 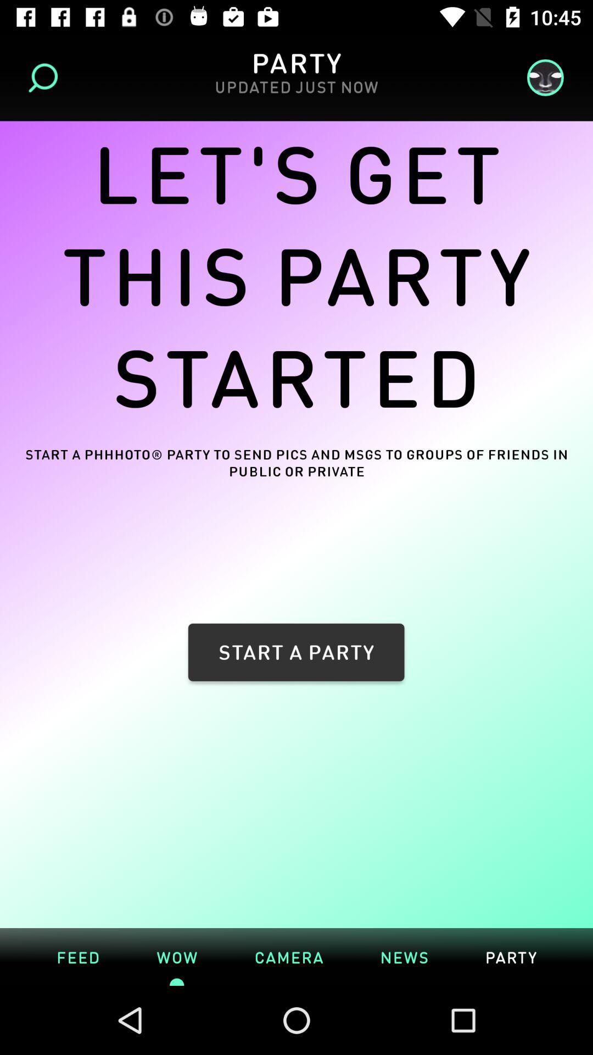 What do you see at coordinates (77, 956) in the screenshot?
I see `icon below start a phhhoto item` at bounding box center [77, 956].